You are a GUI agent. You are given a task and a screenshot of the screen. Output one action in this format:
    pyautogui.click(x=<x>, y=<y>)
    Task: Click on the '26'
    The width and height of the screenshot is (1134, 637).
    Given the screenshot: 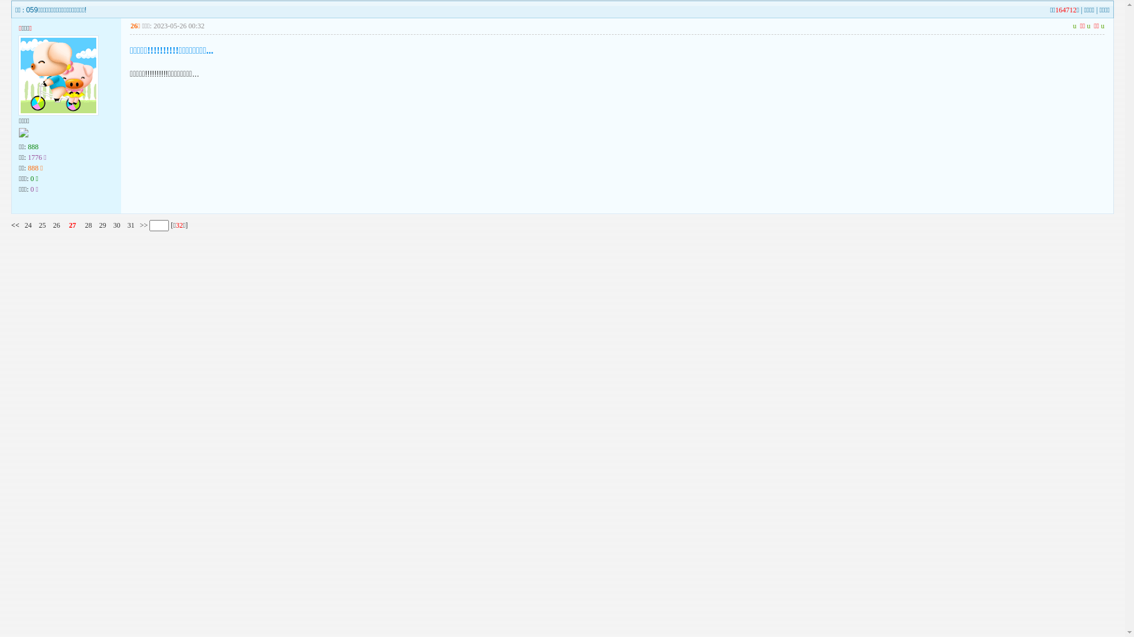 What is the action you would take?
    pyautogui.click(x=53, y=225)
    